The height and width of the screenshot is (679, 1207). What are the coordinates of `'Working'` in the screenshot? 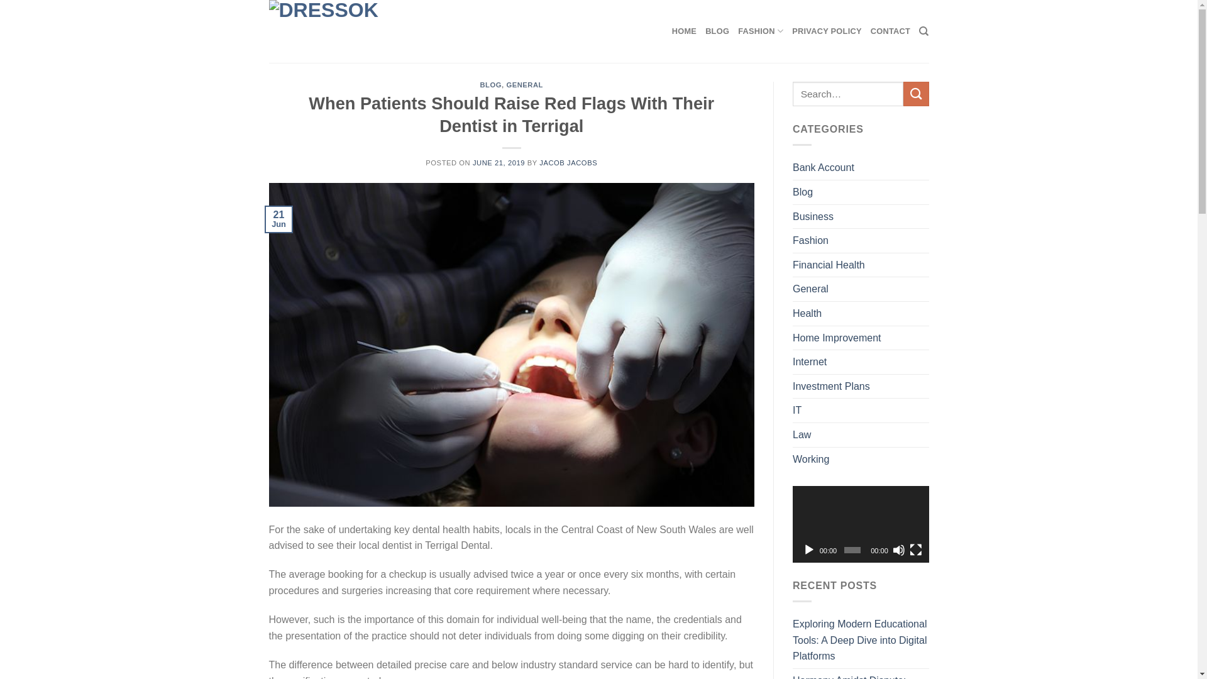 It's located at (811, 460).